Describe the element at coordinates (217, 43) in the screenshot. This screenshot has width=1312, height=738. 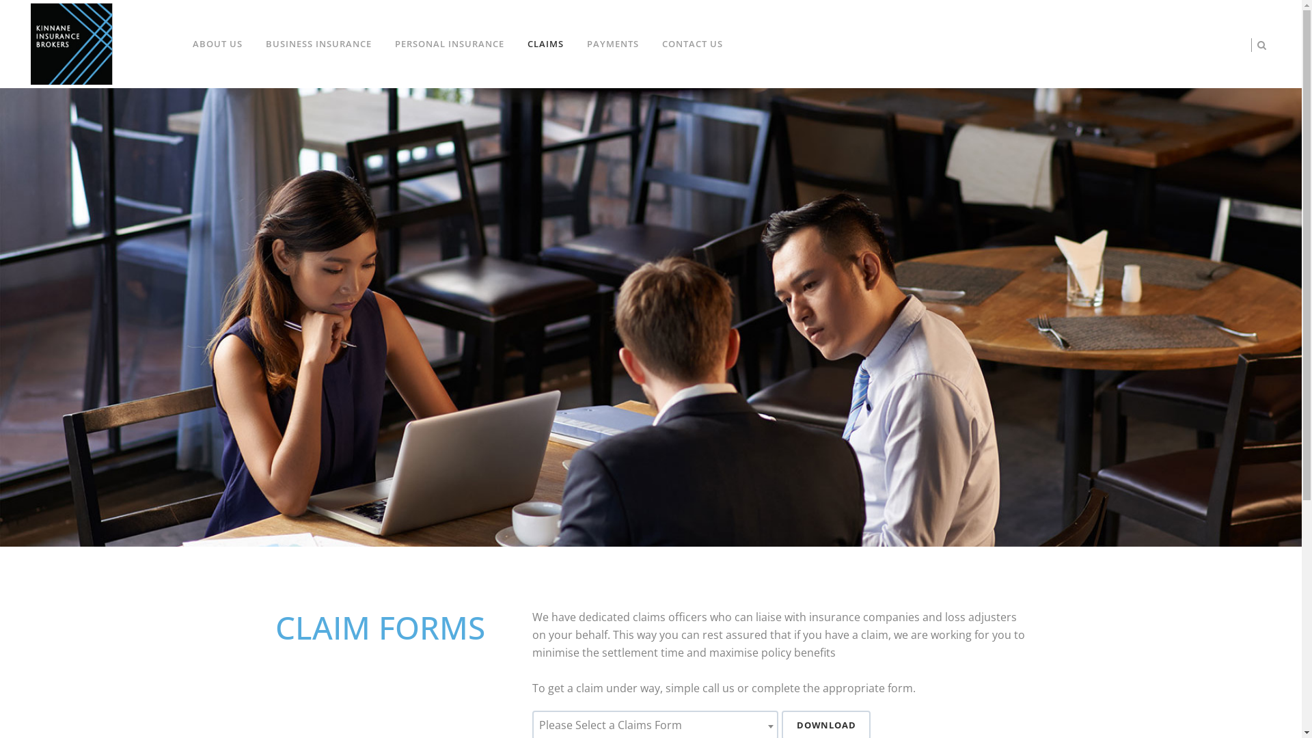
I see `'ABOUT US'` at that location.